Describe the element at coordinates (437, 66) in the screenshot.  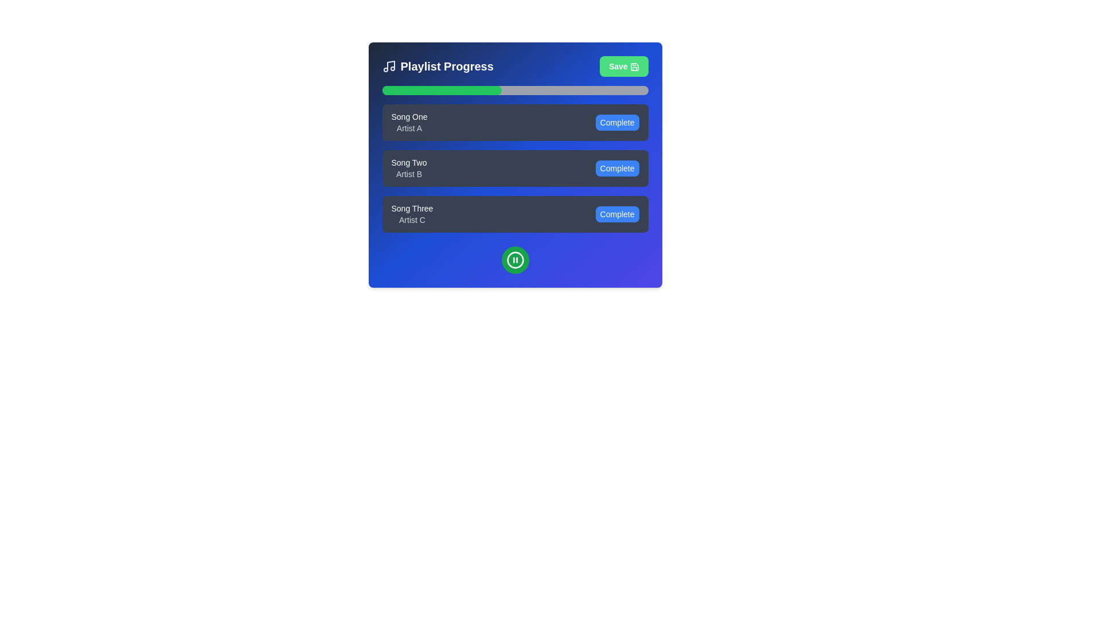
I see `the static text element displaying 'Playlist Progress' with a music note icon, located at the top-left of the interface, above the green progress bar` at that location.